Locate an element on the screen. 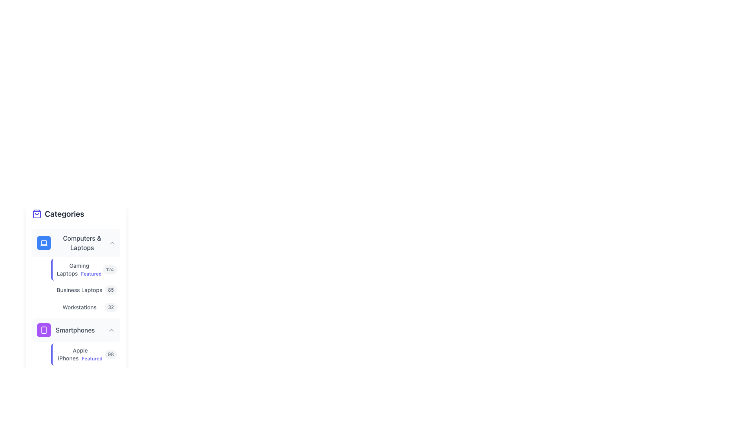 Image resolution: width=754 pixels, height=424 pixels. the Badge displaying the number '98' is located at coordinates (110, 354).